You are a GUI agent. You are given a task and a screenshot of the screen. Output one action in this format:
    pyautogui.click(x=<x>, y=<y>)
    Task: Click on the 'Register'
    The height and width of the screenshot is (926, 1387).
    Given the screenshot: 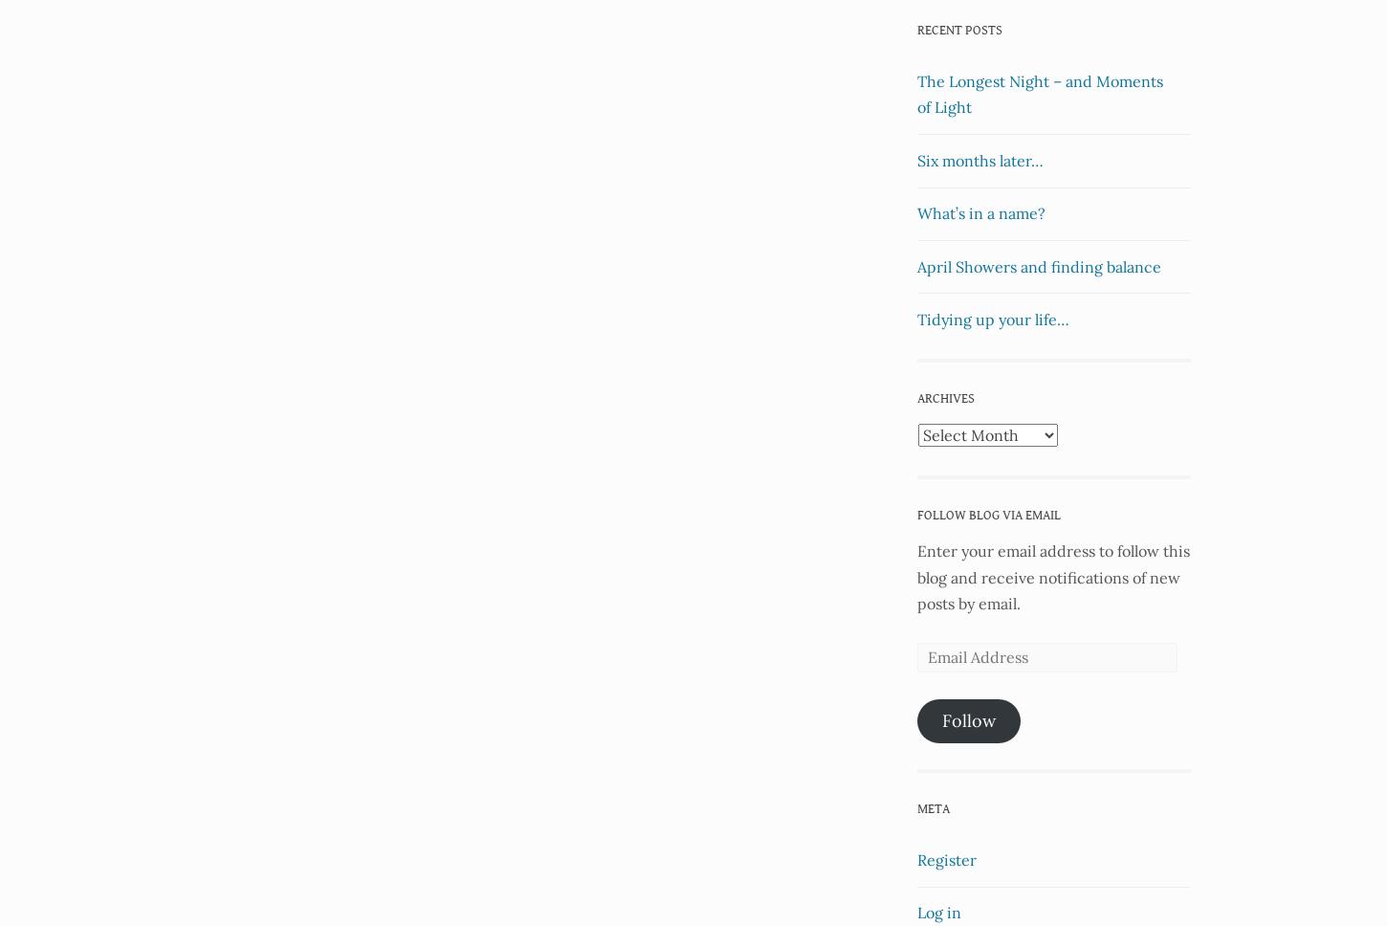 What is the action you would take?
    pyautogui.click(x=947, y=859)
    